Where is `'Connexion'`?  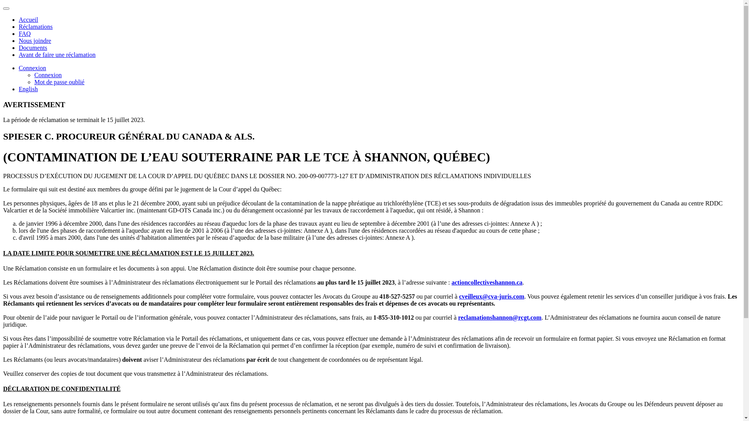 'Connexion' is located at coordinates (48, 75).